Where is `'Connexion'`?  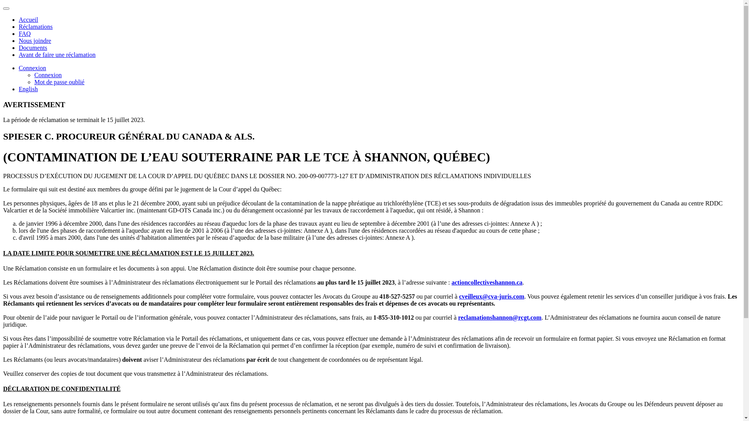 'Connexion' is located at coordinates (48, 75).